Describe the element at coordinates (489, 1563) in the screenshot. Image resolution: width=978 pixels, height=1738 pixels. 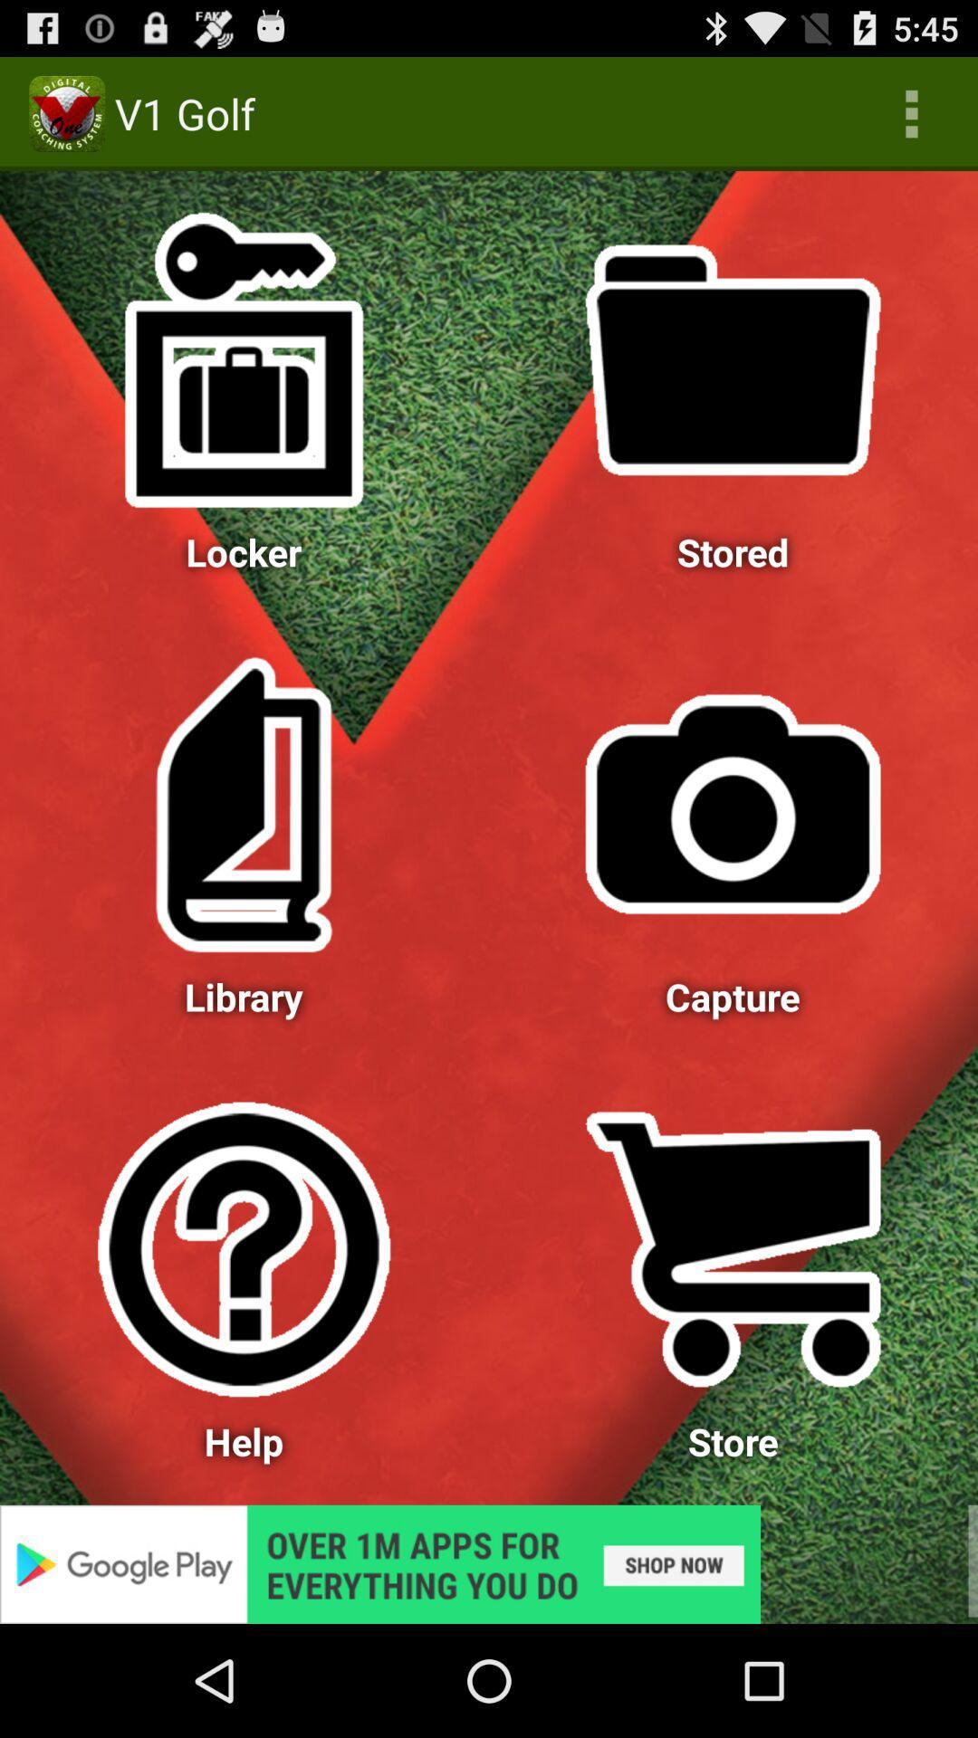
I see `advertisement` at that location.